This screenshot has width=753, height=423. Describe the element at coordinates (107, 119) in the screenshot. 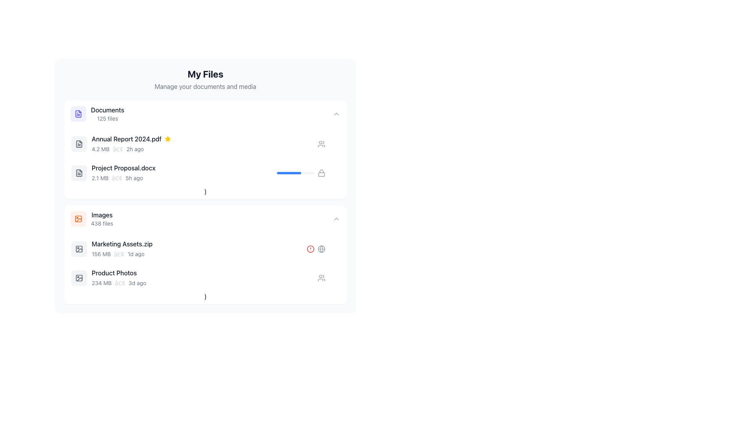

I see `the label indicating the number of files ('125 files') located directly beneath the 'Documents' label in the upper-left corner of the interface` at that location.